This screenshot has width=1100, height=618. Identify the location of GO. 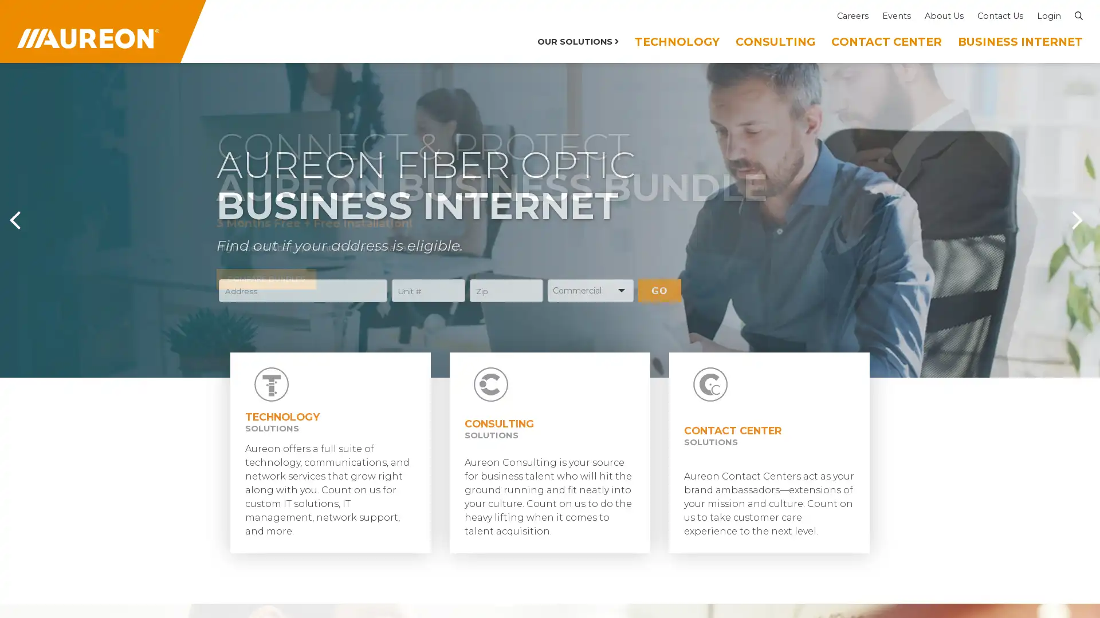
(659, 290).